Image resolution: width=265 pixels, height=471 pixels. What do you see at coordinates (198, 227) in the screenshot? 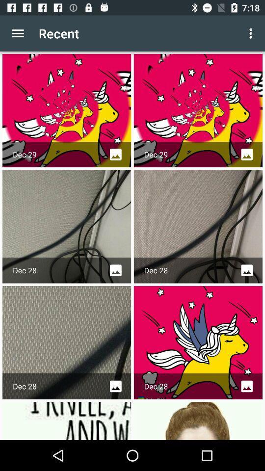
I see `the fourth image below menu bar` at bounding box center [198, 227].